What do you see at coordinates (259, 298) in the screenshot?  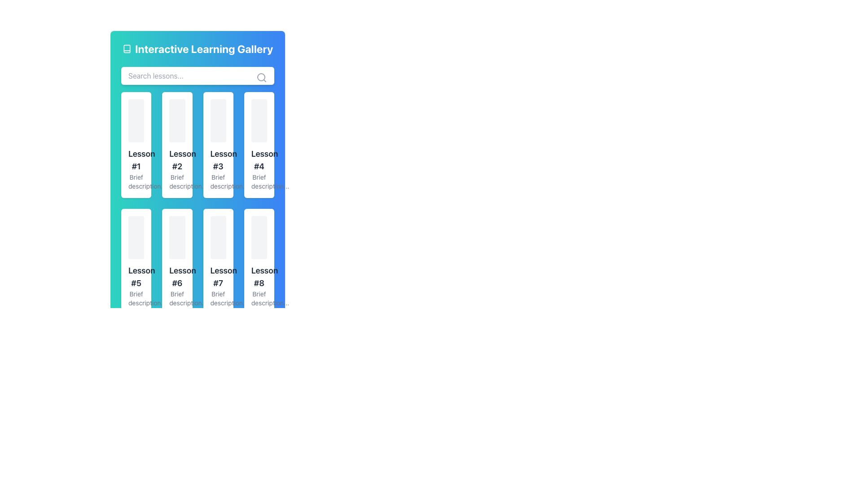 I see `text from the small text label containing the phrase 'Brief description...' styled in gray font, positioned below the title 'Lesson #8'` at bounding box center [259, 298].